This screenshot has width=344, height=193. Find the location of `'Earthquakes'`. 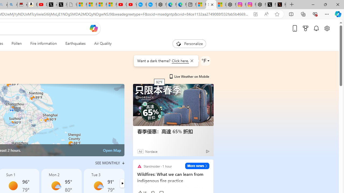

'Earthquakes' is located at coordinates (75, 43).